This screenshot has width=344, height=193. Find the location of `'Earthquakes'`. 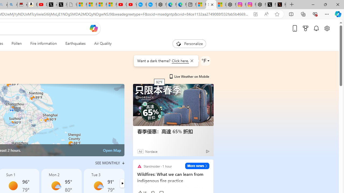

'Earthquakes' is located at coordinates (75, 43).